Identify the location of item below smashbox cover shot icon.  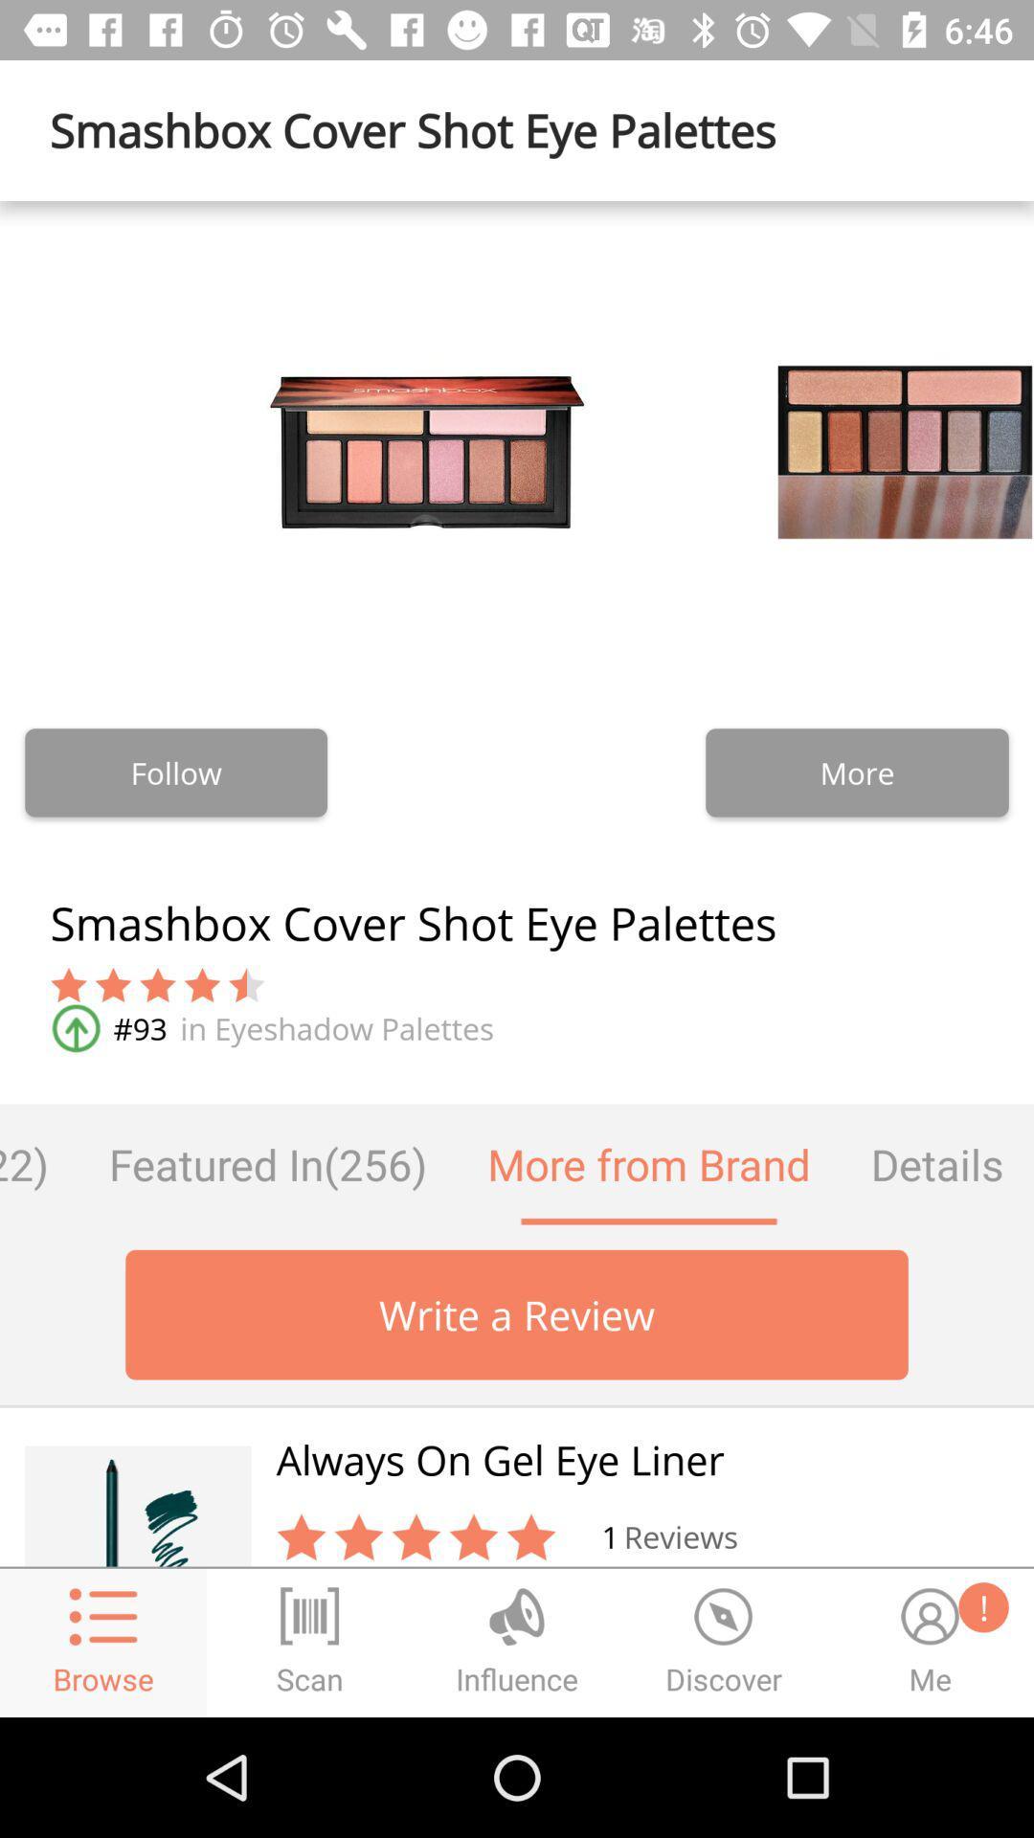
(936, 1163).